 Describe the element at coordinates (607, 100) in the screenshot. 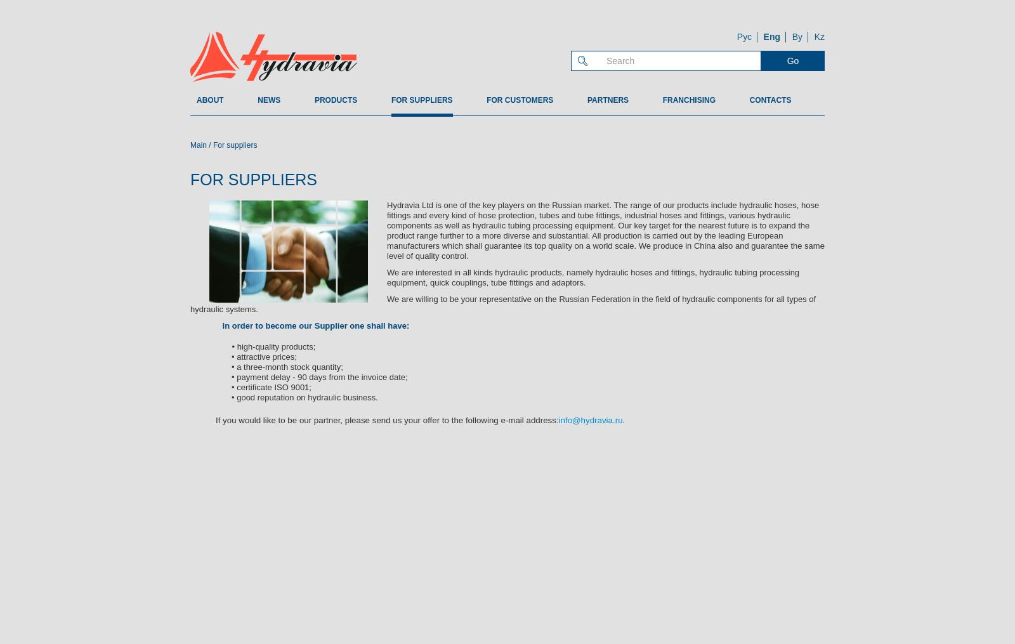

I see `'Partners'` at that location.